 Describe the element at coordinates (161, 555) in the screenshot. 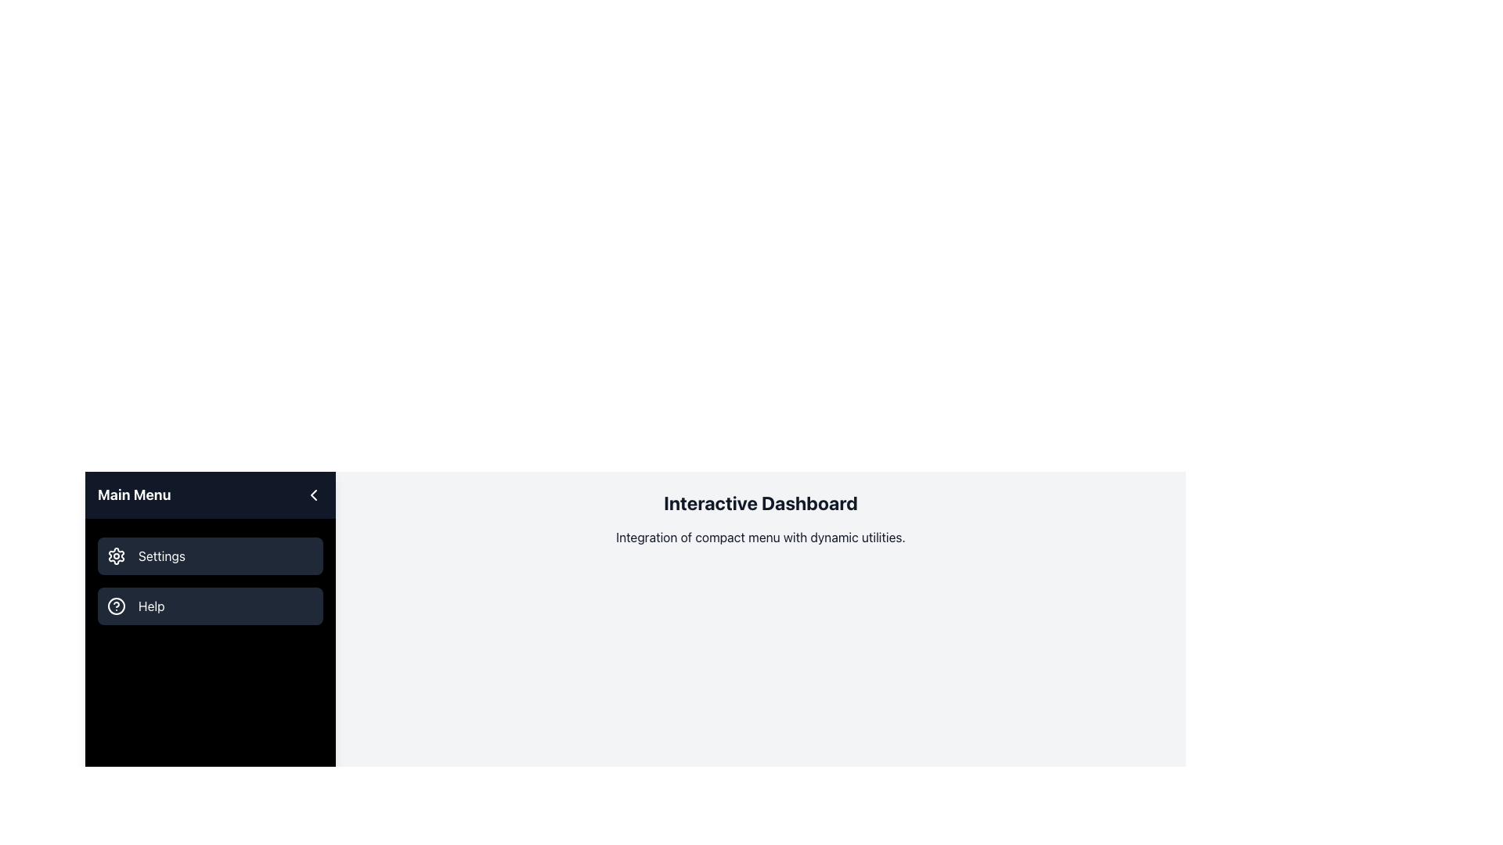

I see `static text label displaying the word 'Settings' in white font, which is aligned to the right of a settings icon` at that location.